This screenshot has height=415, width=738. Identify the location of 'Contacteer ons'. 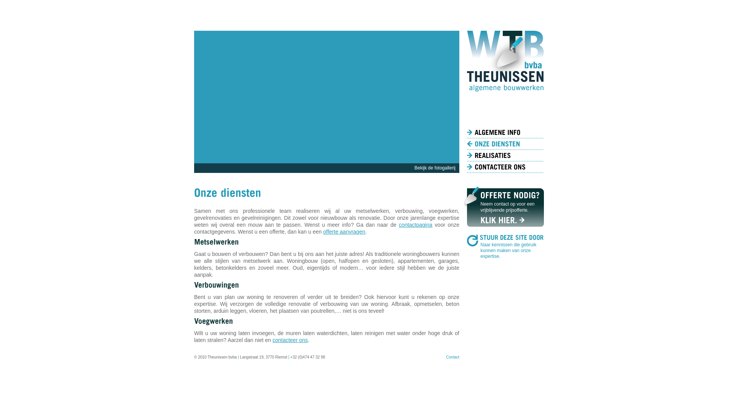
(505, 167).